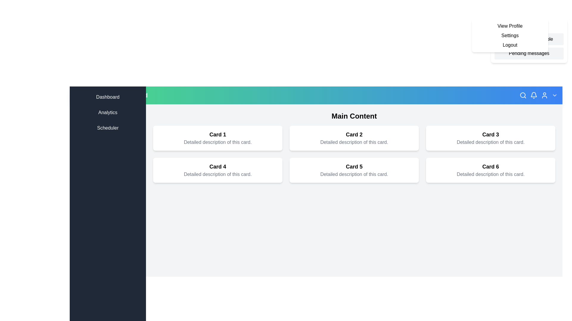 This screenshot has height=321, width=572. I want to click on the button located below the 'New updates available' text in the dropdown menu for accessing pending messages, so click(529, 53).